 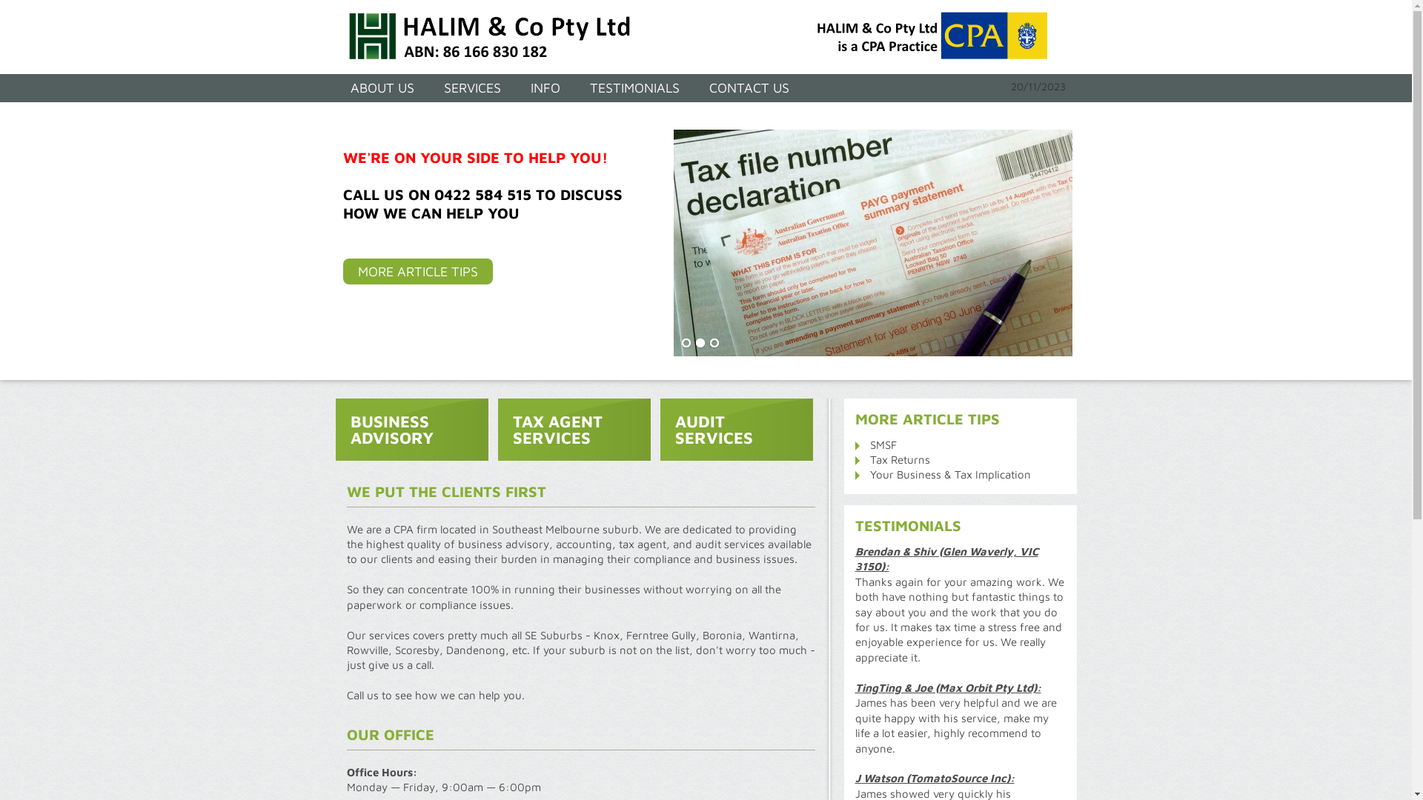 What do you see at coordinates (736, 429) in the screenshot?
I see `'AUDIT SERVICES'` at bounding box center [736, 429].